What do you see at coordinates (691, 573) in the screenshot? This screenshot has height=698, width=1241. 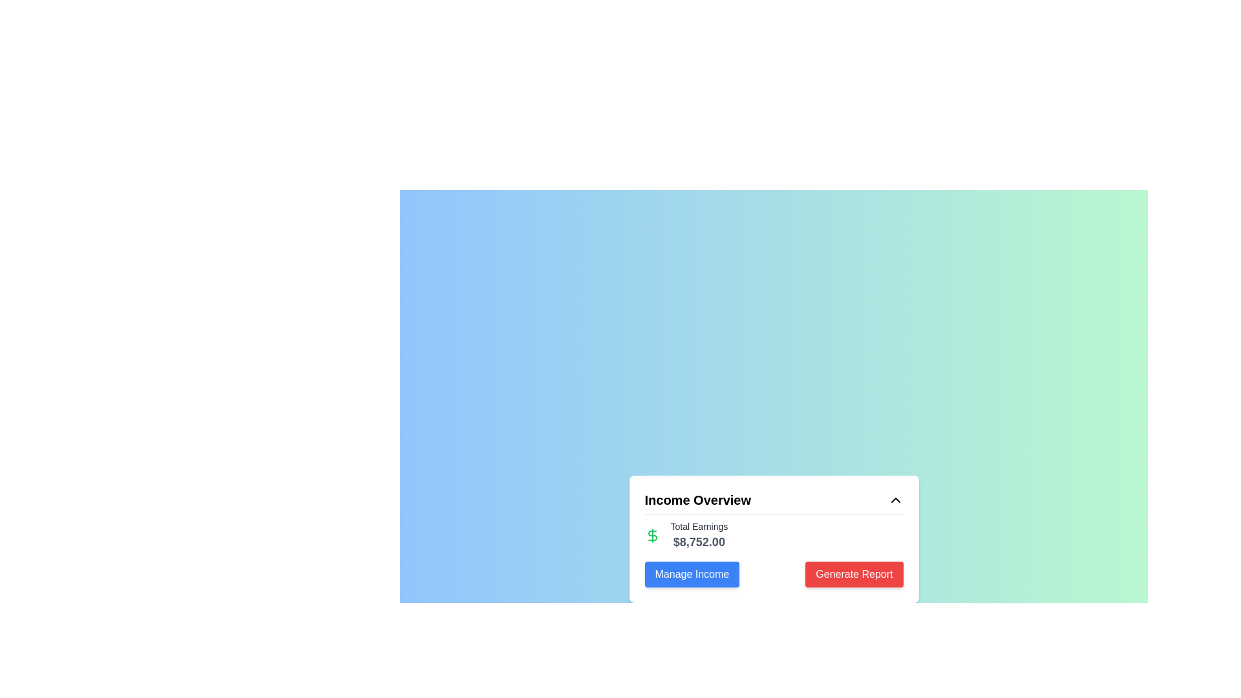 I see `the 'Manage Income' button, which is a rectangular button with rounded corners, styled with a blue background and white text, located in the bottom area under 'Income Overview'` at bounding box center [691, 573].